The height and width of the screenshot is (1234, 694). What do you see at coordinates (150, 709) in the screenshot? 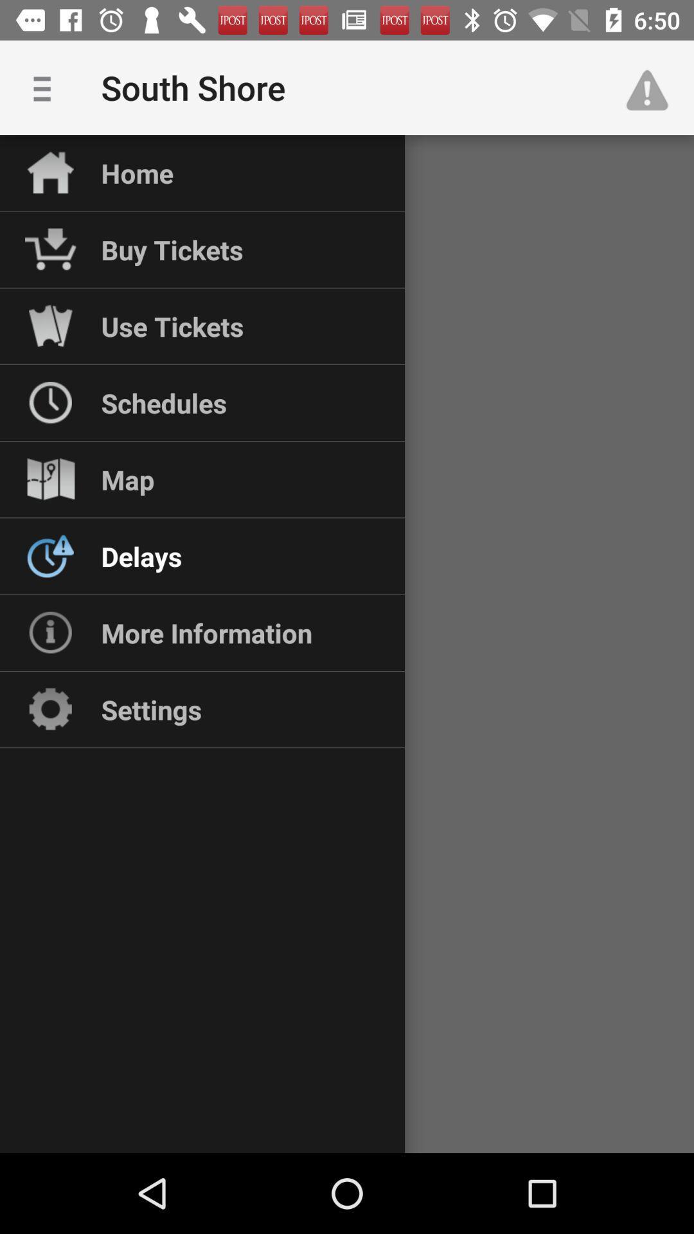
I see `settings icon` at bounding box center [150, 709].